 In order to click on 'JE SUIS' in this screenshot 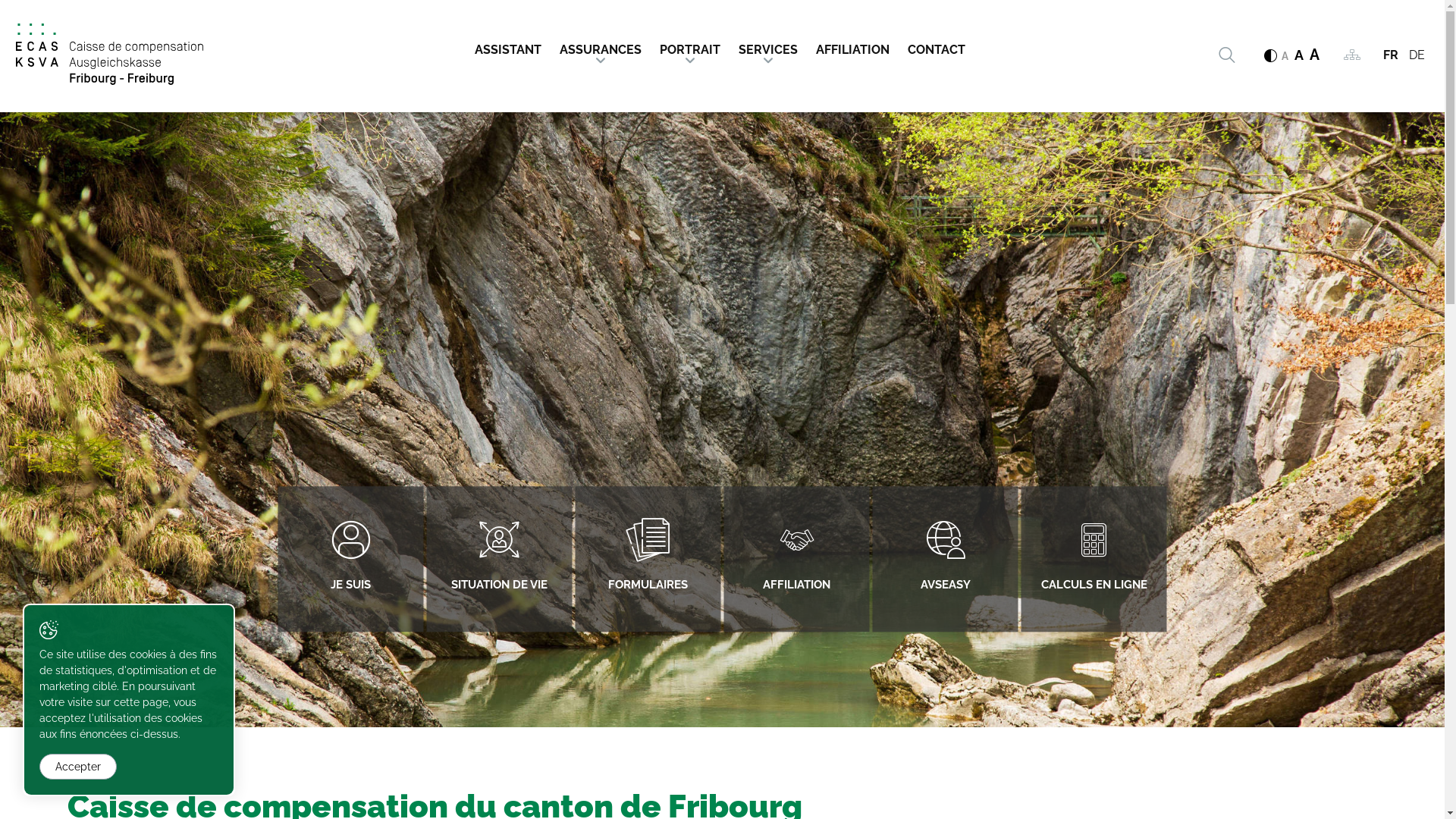, I will do `click(349, 559)`.